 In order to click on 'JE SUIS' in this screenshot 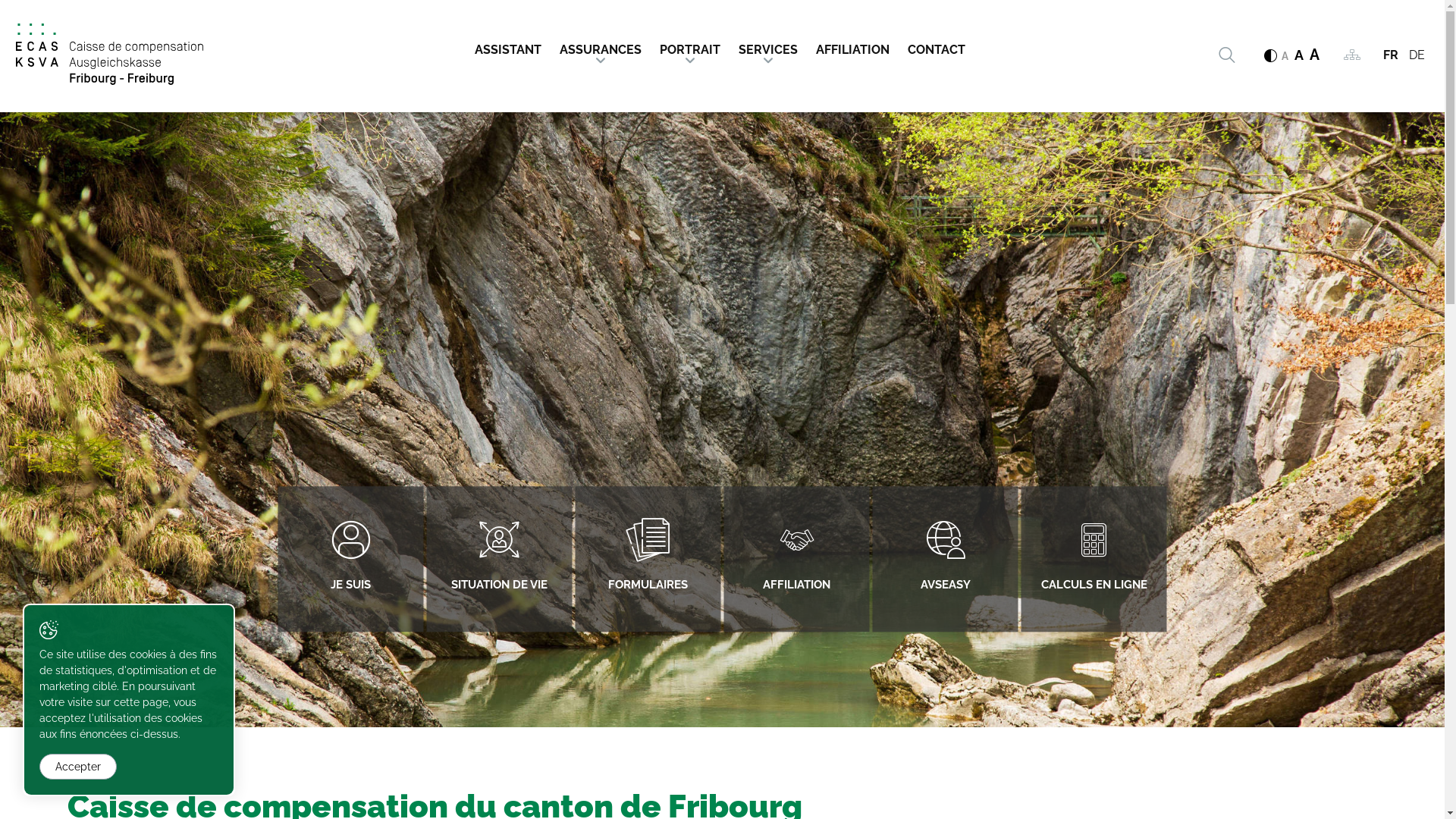, I will do `click(349, 559)`.